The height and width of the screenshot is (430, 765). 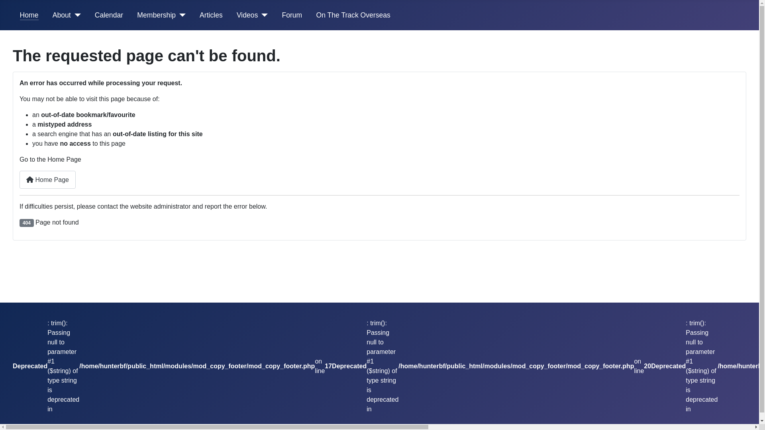 I want to click on 'About', so click(x=61, y=15).